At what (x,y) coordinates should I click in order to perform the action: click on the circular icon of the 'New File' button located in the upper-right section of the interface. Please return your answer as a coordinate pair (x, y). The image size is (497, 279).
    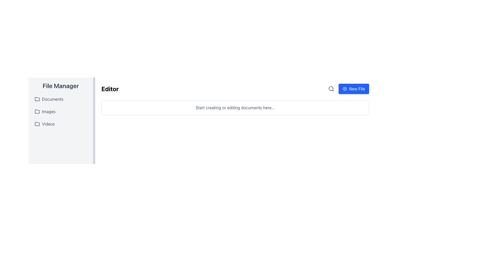
    Looking at the image, I should click on (345, 88).